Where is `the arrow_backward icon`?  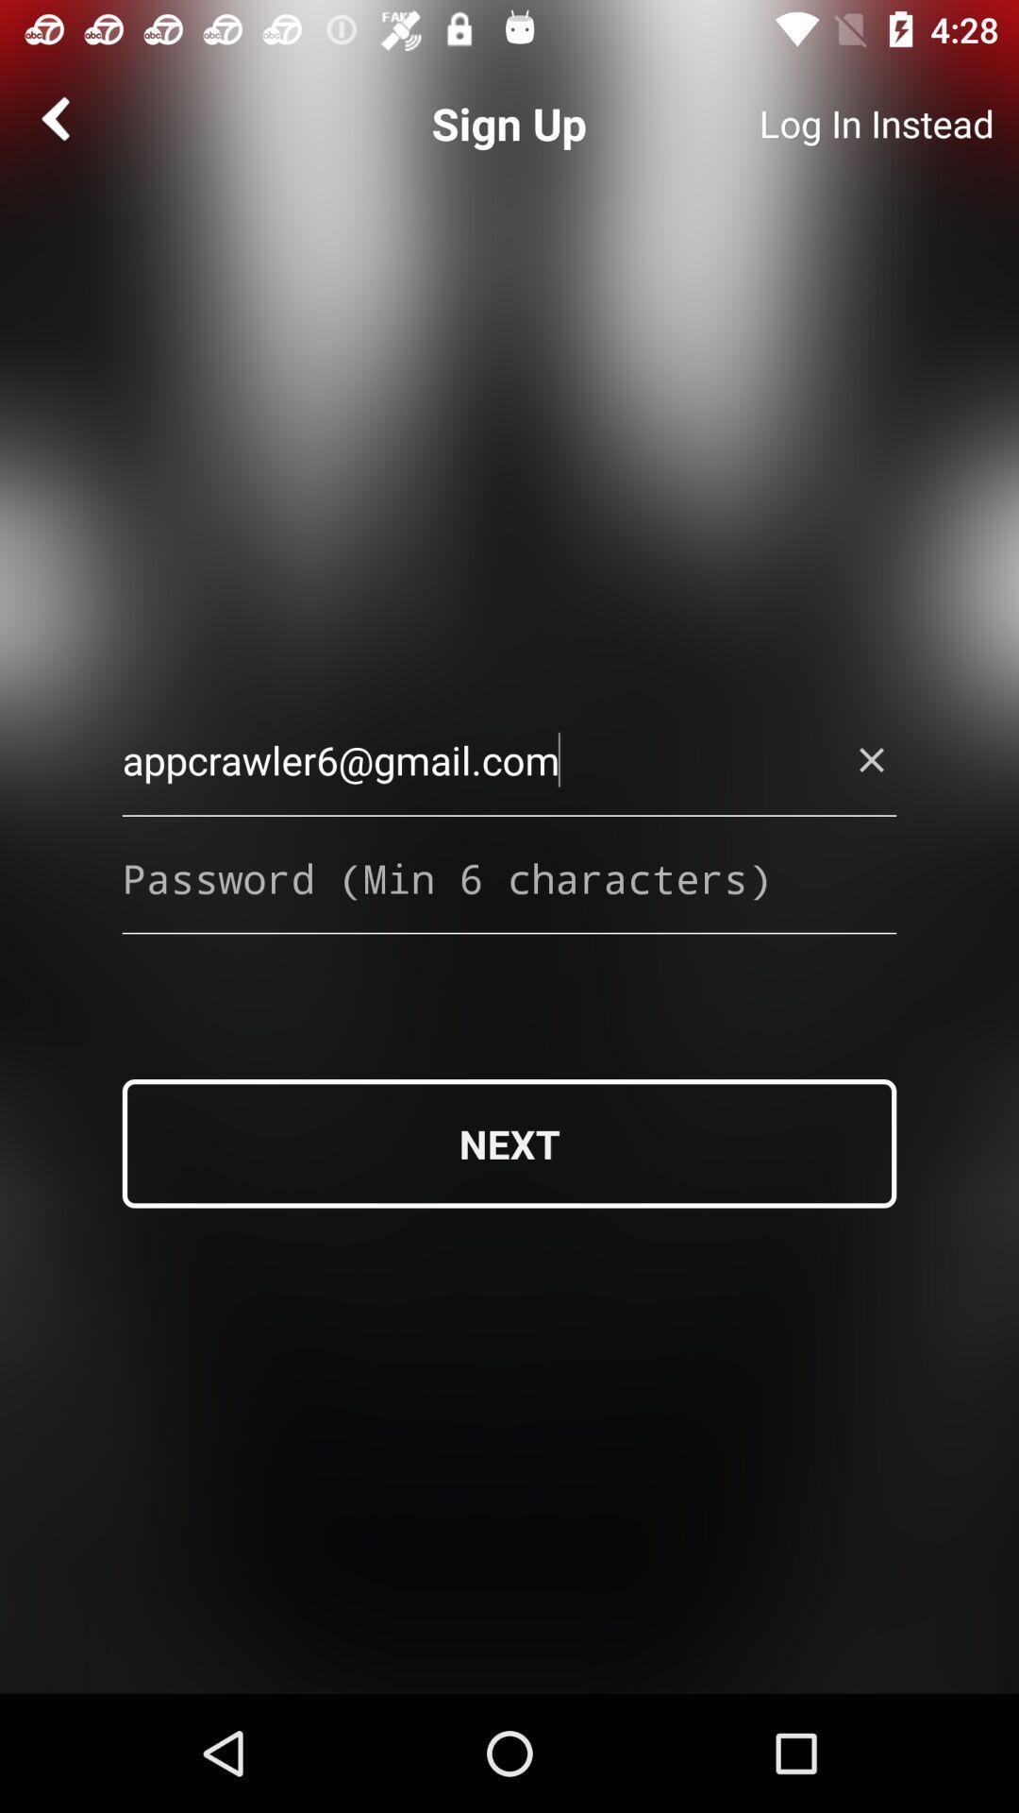
the arrow_backward icon is located at coordinates (58, 117).